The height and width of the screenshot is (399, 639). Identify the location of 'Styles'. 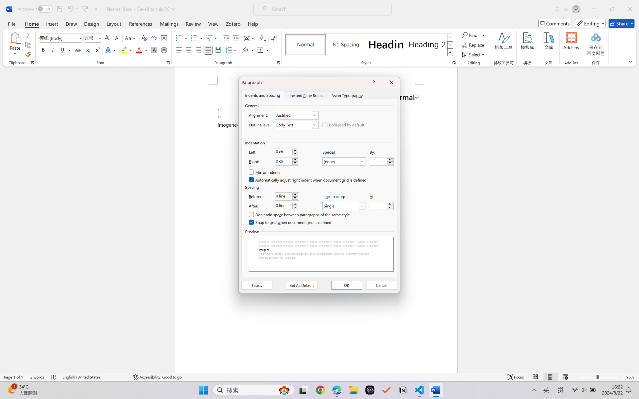
(450, 52).